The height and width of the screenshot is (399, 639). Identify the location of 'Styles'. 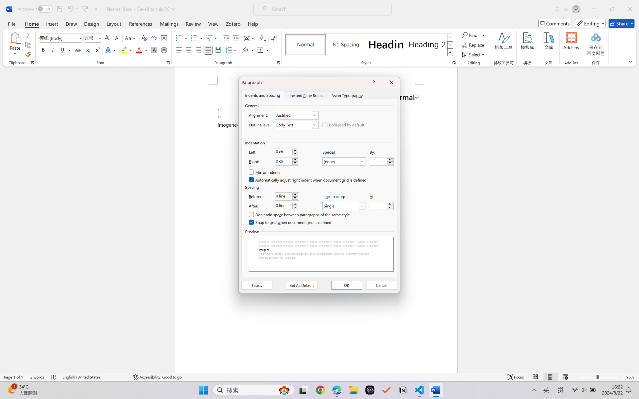
(450, 52).